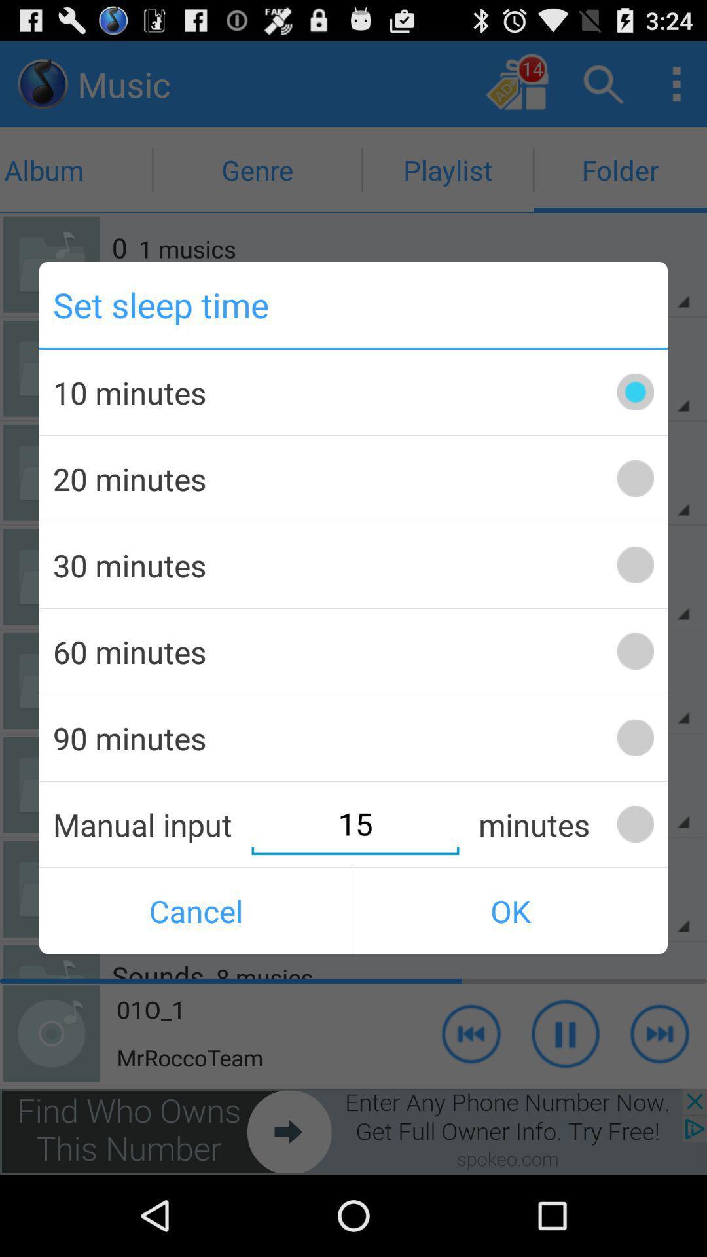  I want to click on 10 minutes, so click(634, 392).